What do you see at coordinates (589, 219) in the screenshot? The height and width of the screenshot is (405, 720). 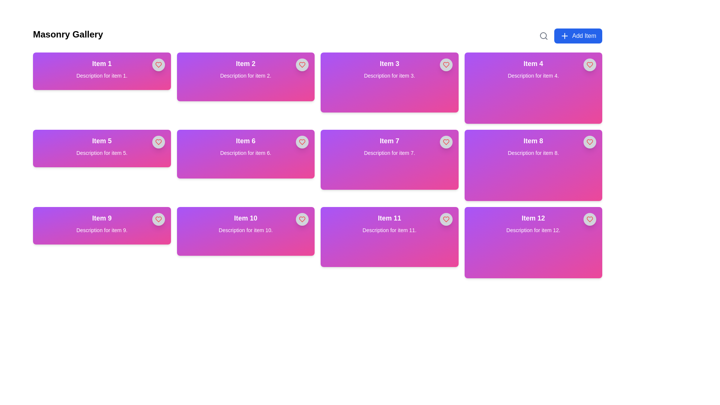 I see `the 'like' button located at the top-right corner of the card labeled 'Item 12'` at bounding box center [589, 219].